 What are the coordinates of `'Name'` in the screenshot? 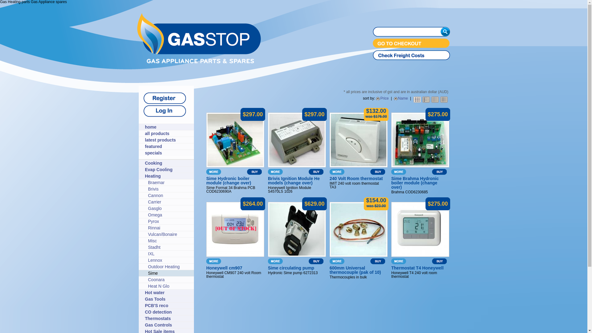 It's located at (401, 98).